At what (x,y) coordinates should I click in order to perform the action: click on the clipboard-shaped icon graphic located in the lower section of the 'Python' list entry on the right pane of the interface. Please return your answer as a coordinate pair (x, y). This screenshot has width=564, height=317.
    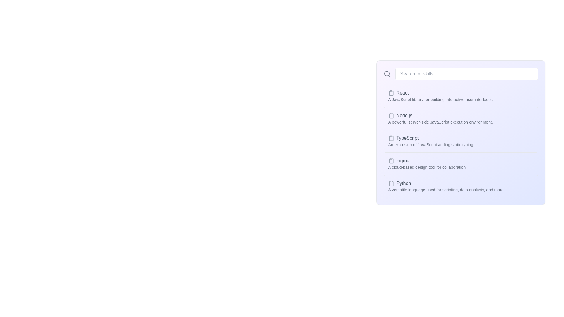
    Looking at the image, I should click on (391, 183).